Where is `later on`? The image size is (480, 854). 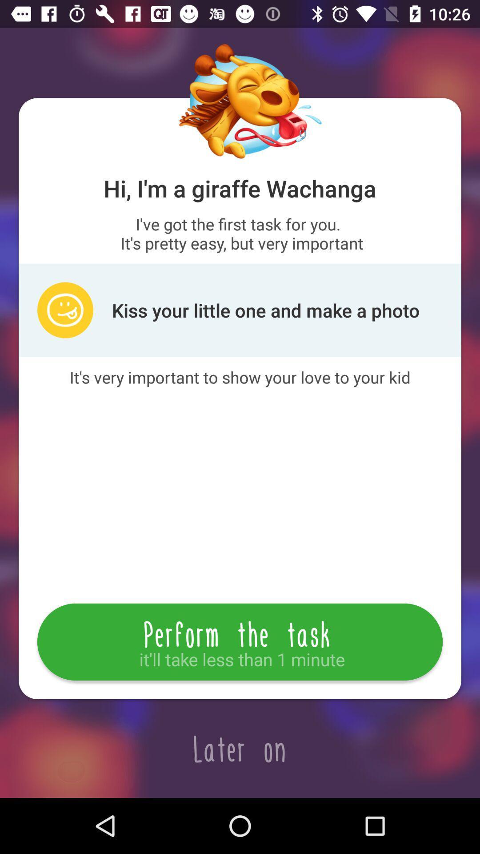
later on is located at coordinates (240, 748).